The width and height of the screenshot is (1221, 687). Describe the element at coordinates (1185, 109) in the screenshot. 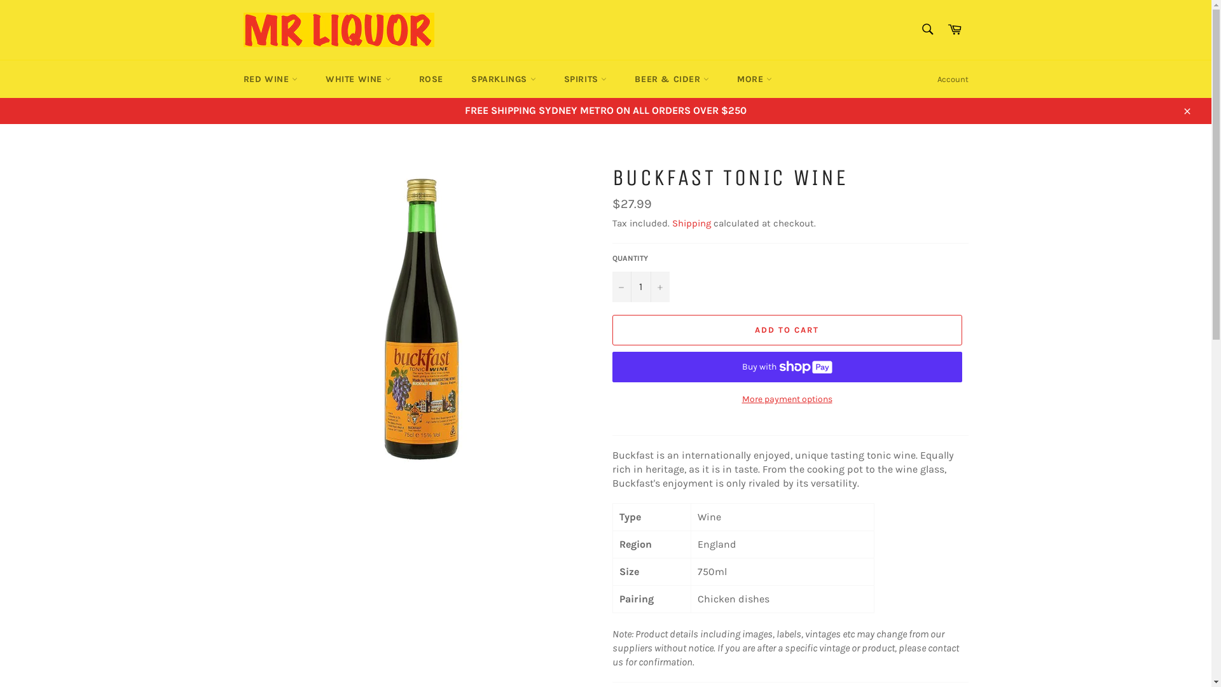

I see `'Close'` at that location.